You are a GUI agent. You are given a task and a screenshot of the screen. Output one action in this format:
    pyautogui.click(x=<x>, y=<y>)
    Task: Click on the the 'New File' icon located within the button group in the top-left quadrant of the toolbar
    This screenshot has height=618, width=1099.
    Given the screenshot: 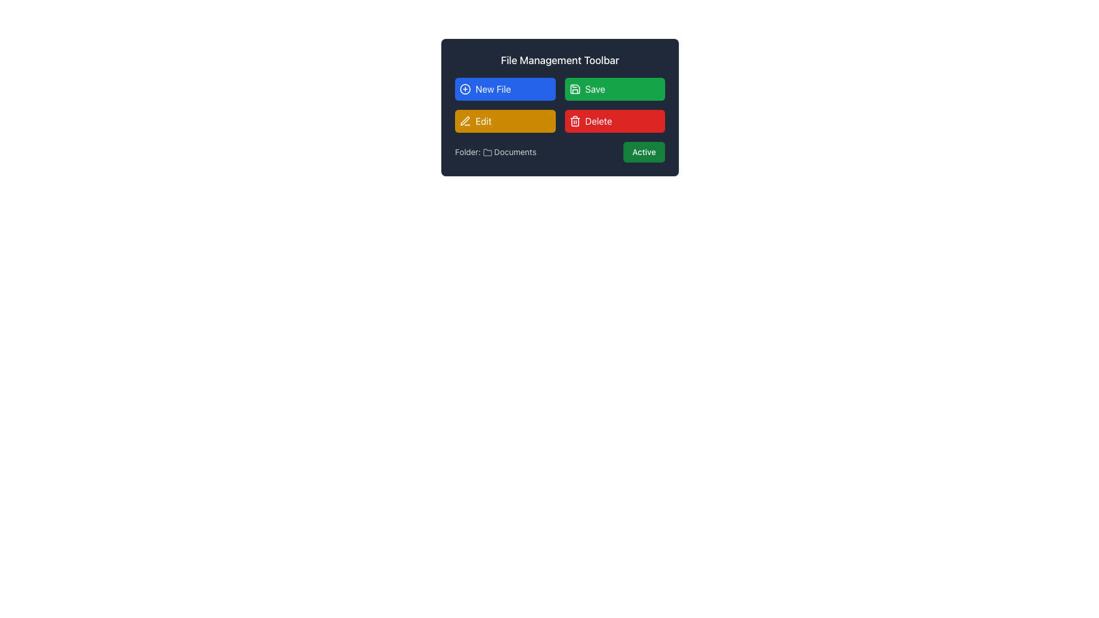 What is the action you would take?
    pyautogui.click(x=465, y=88)
    